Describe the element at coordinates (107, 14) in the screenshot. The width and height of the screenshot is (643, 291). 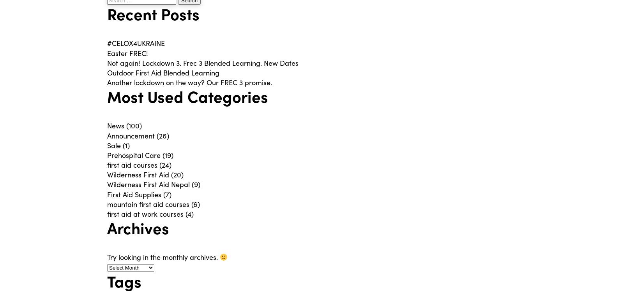
I see `'Recent Posts'` at that location.